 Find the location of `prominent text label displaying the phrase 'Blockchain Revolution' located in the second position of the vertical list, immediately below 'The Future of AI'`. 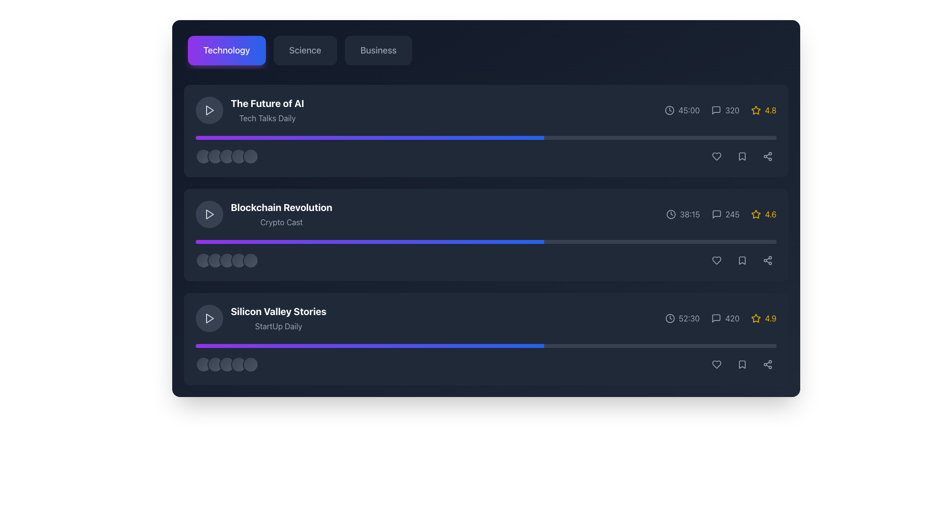

prominent text label displaying the phrase 'Blockchain Revolution' located in the second position of the vertical list, immediately below 'The Future of AI' is located at coordinates (281, 207).